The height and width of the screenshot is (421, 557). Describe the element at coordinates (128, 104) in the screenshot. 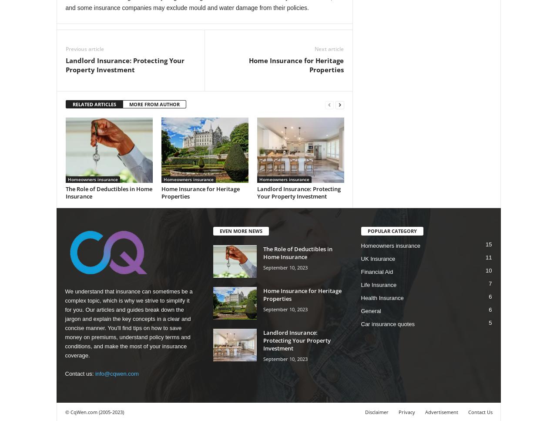

I see `'MORE FROM AUTHOR'` at that location.